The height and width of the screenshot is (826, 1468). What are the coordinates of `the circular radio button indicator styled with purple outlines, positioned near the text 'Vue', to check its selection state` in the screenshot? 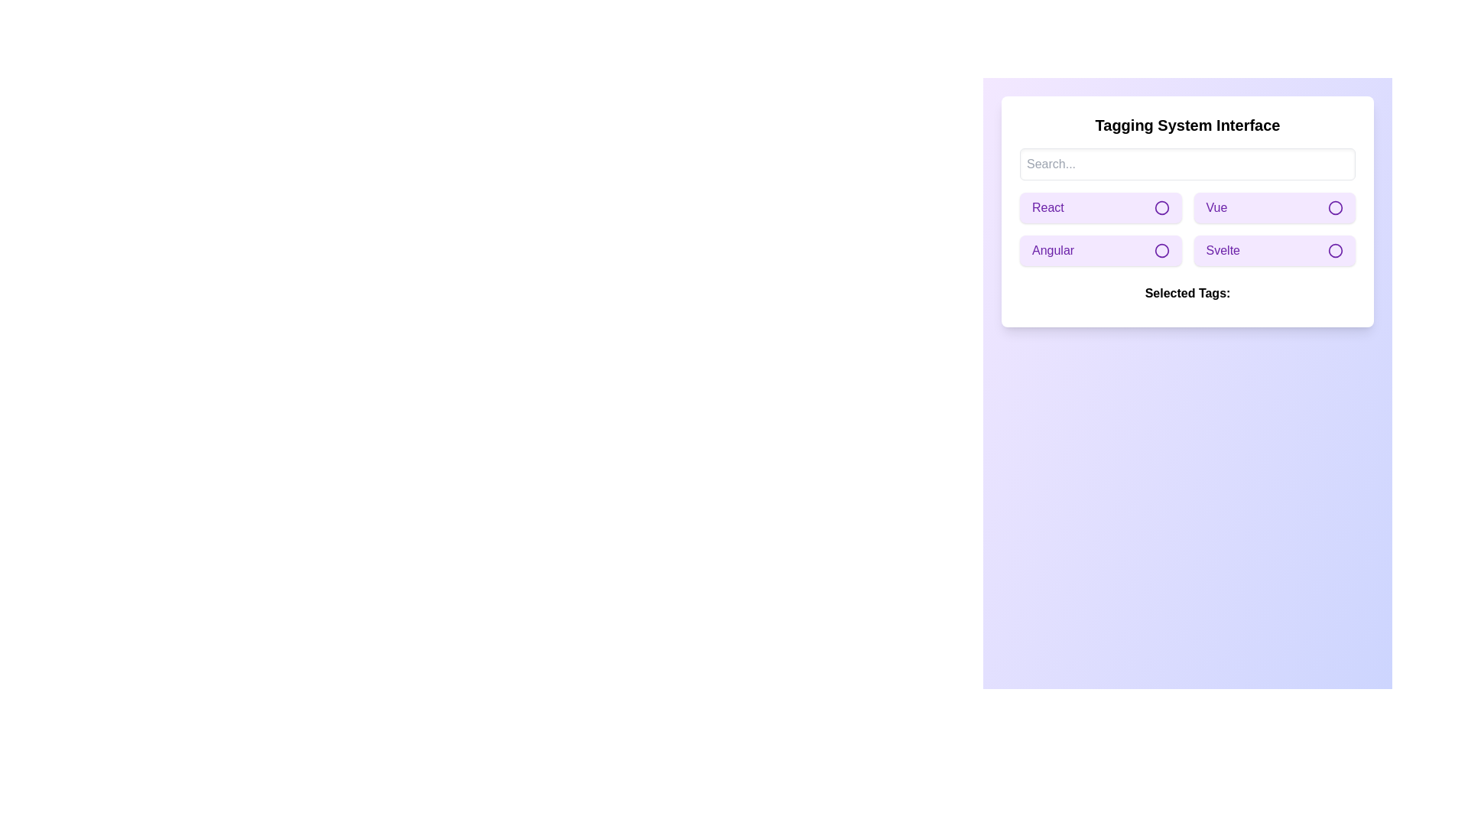 It's located at (1335, 208).